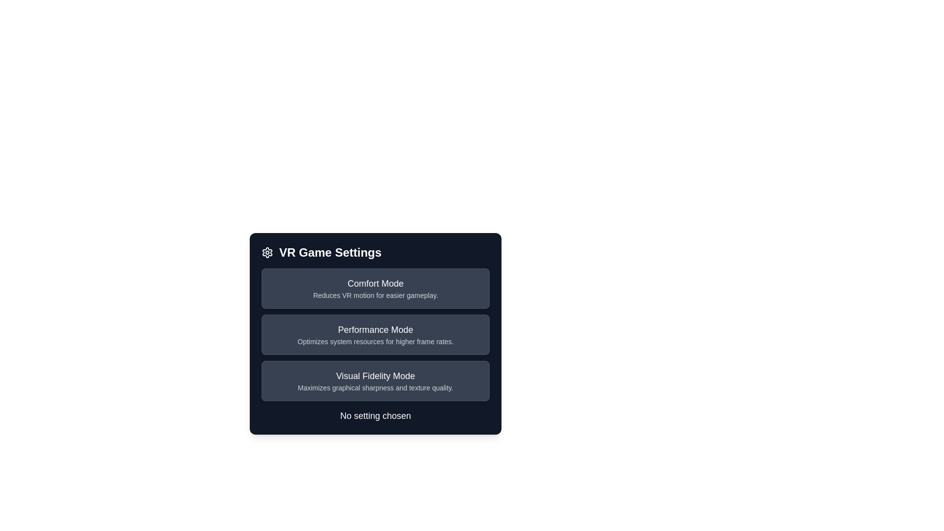  Describe the element at coordinates (375, 295) in the screenshot. I see `the descriptive text label that clarifies the purpose of the 'Comfort Mode' option, which is located below the title text 'Comfort Mode' within the 'VR Game Settings.'` at that location.